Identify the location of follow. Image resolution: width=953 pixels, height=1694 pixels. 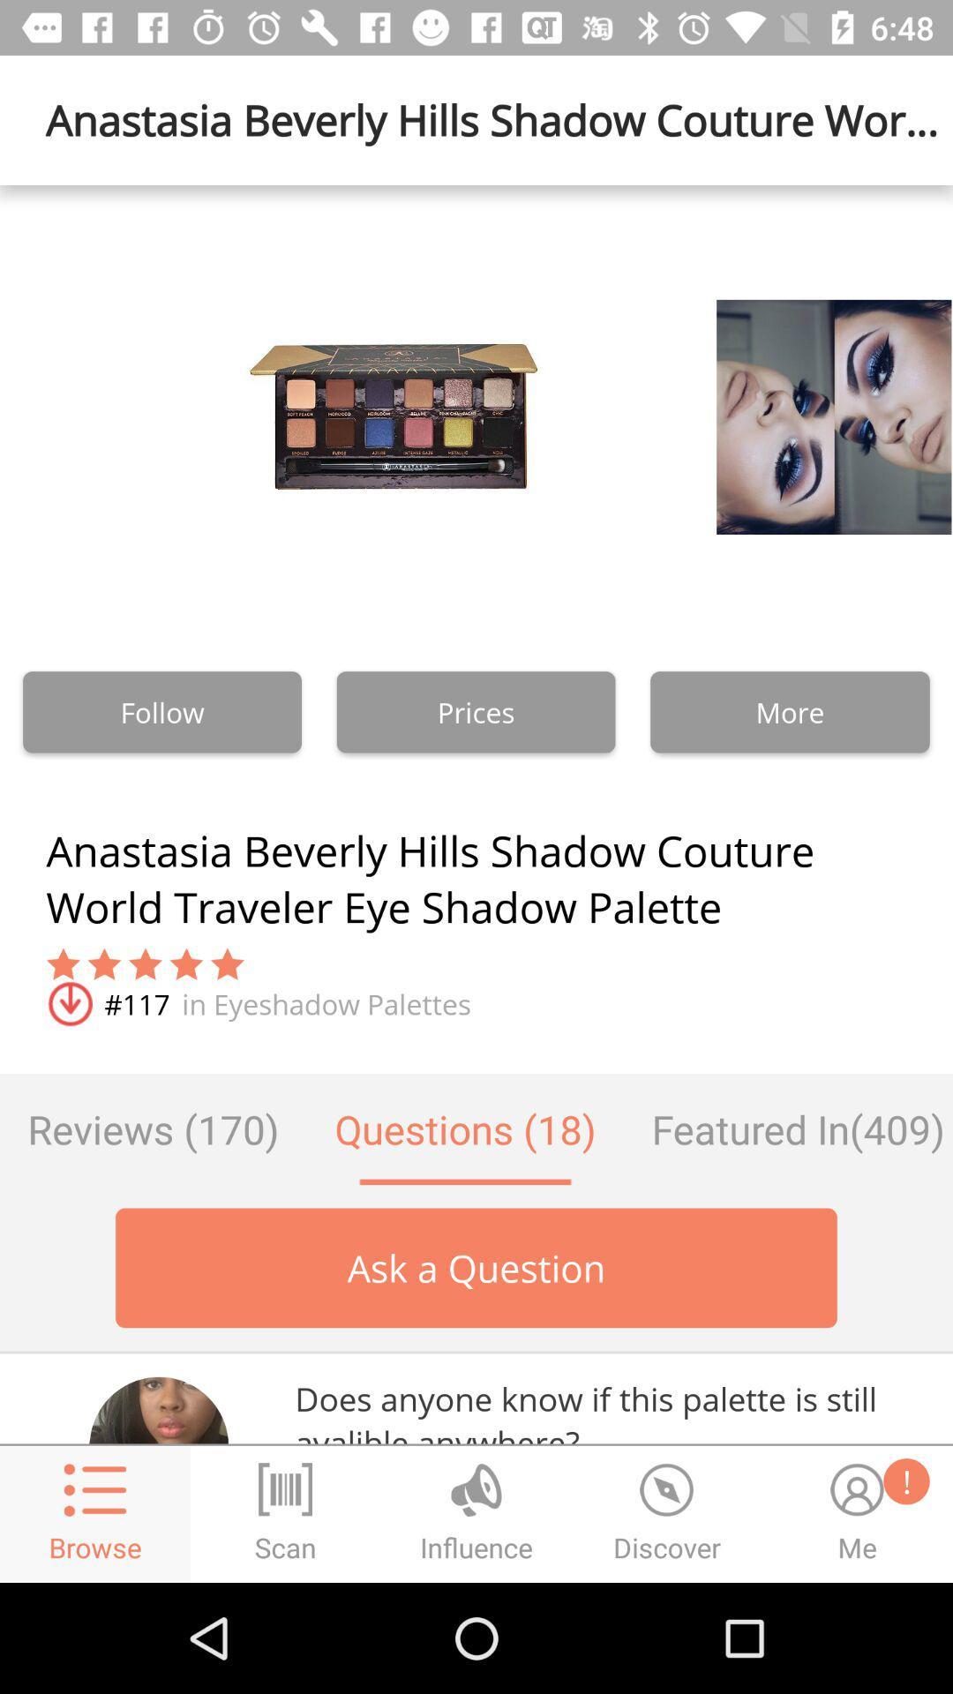
(162, 712).